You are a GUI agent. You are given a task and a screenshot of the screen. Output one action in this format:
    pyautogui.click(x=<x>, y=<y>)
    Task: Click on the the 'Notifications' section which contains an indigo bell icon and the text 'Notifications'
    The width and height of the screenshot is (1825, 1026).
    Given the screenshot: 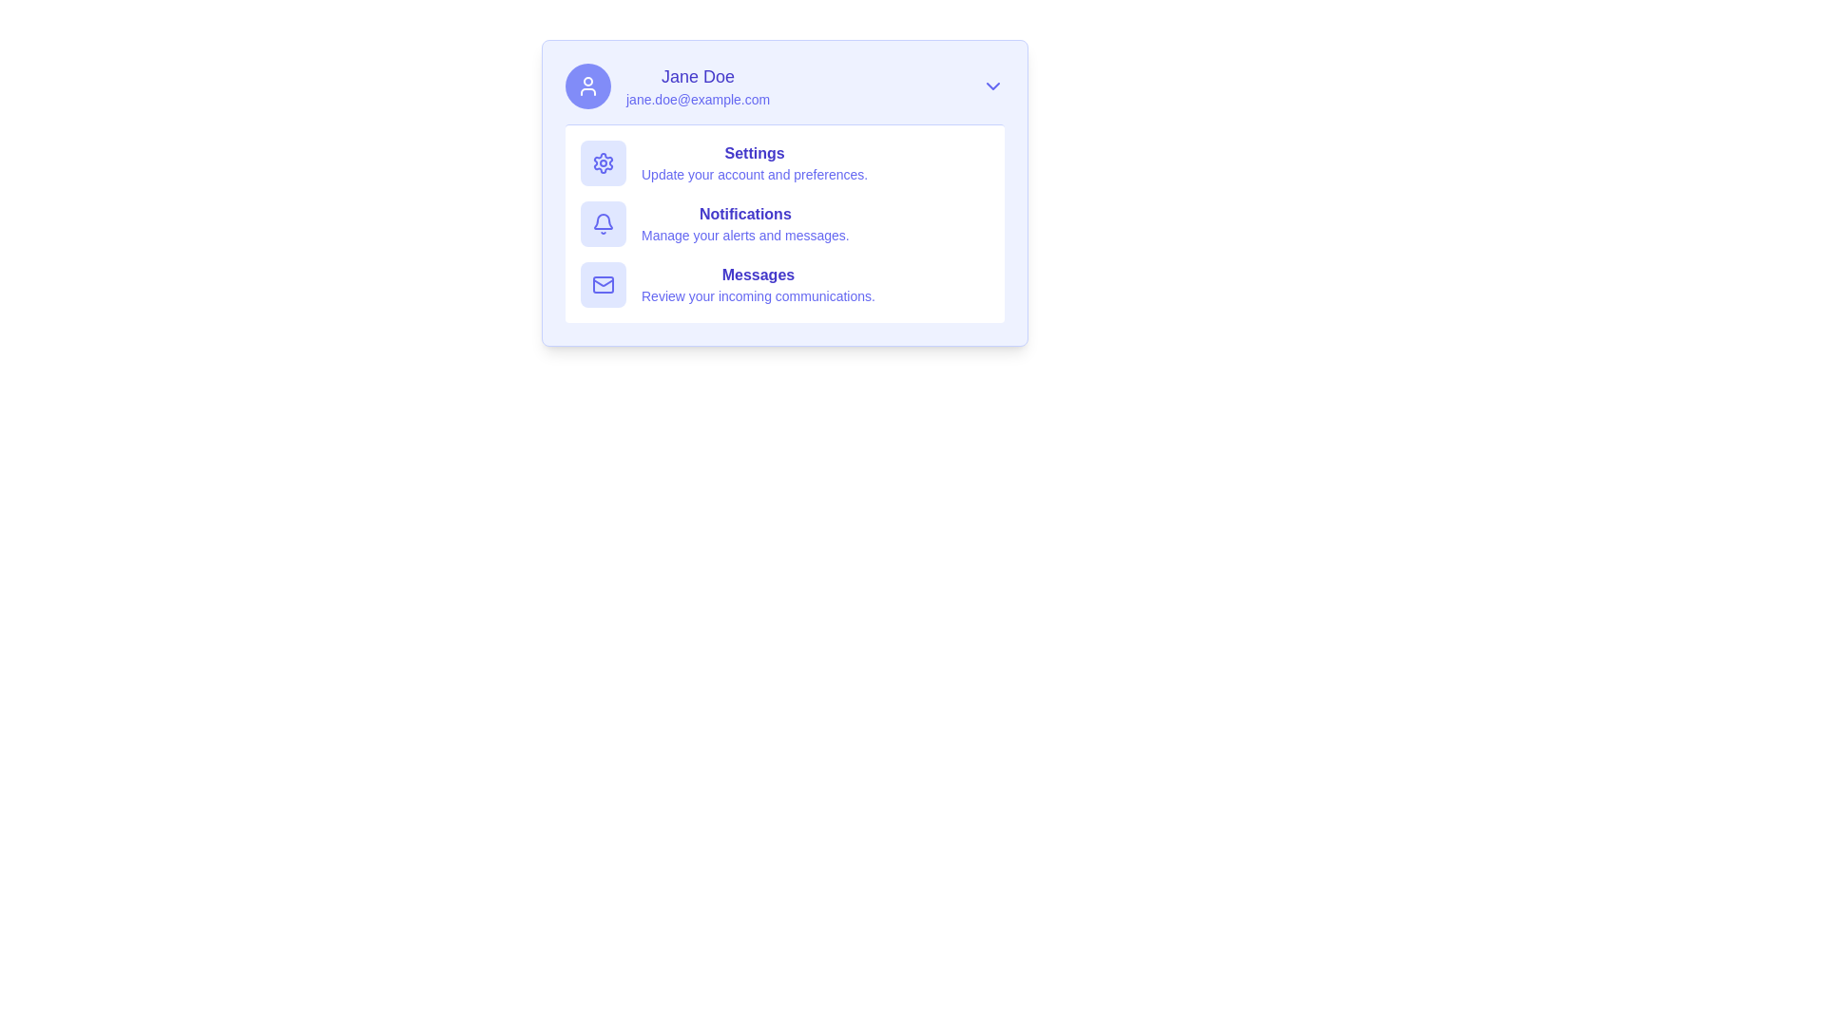 What is the action you would take?
    pyautogui.click(x=784, y=222)
    